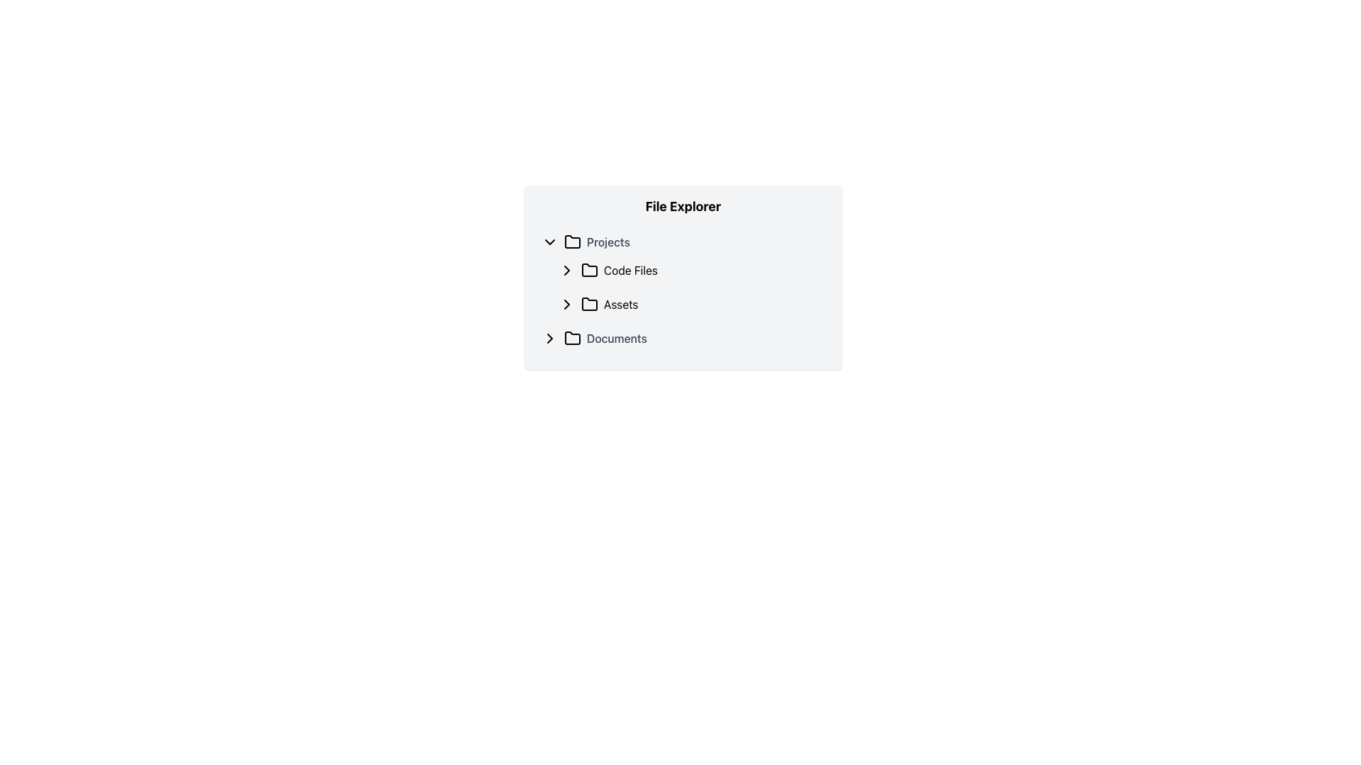 Image resolution: width=1361 pixels, height=765 pixels. Describe the element at coordinates (572, 339) in the screenshot. I see `the folder icon located in the fourth row of the File Explorer under the 'Documents' folder, positioned to the left of the 'Documents' text label and to the right of the chevron icon` at that location.